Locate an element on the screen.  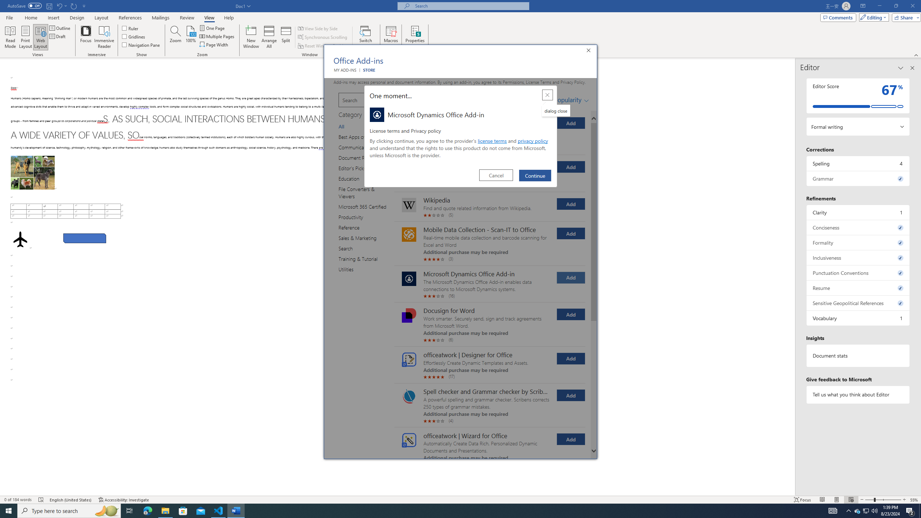
'Page Width' is located at coordinates (214, 44).